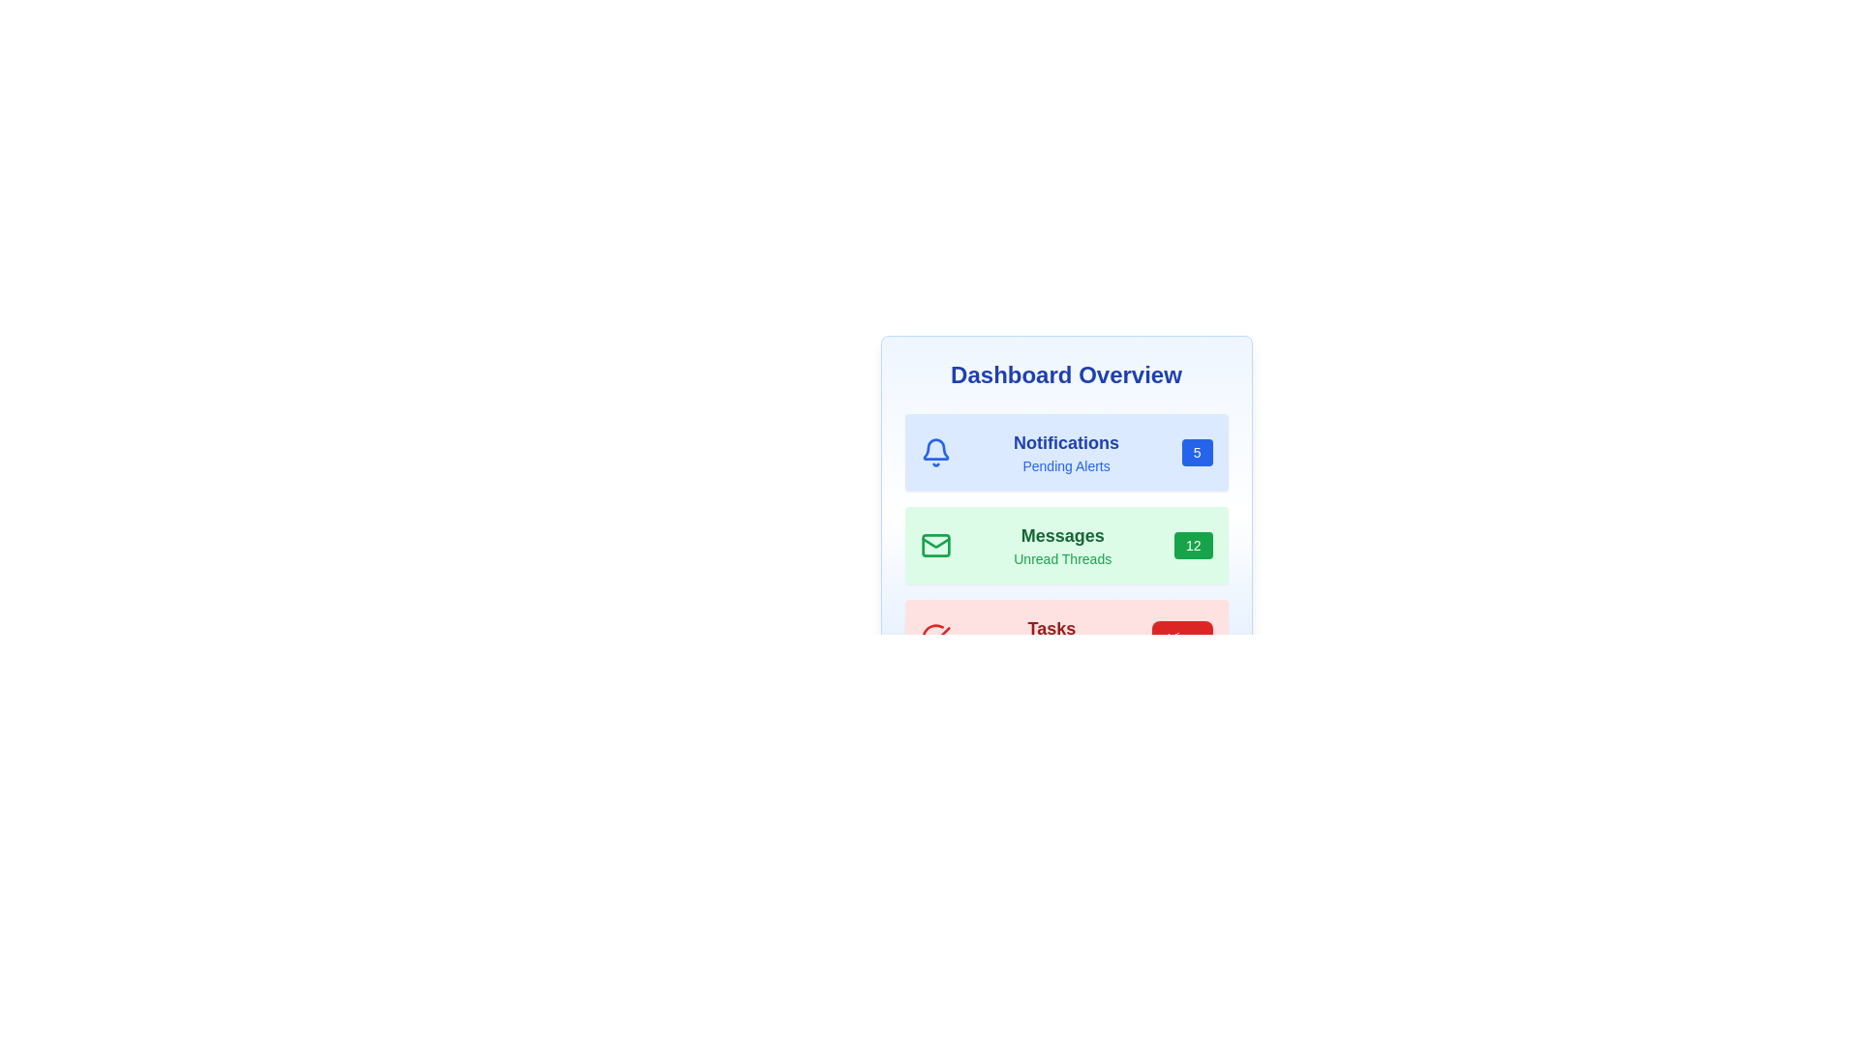 The width and height of the screenshot is (1859, 1045). What do you see at coordinates (1051, 629) in the screenshot?
I see `the Text Label that serves as a heading for the 'Tasks' section, which is located within a pink-colored box on the dashboard` at bounding box center [1051, 629].